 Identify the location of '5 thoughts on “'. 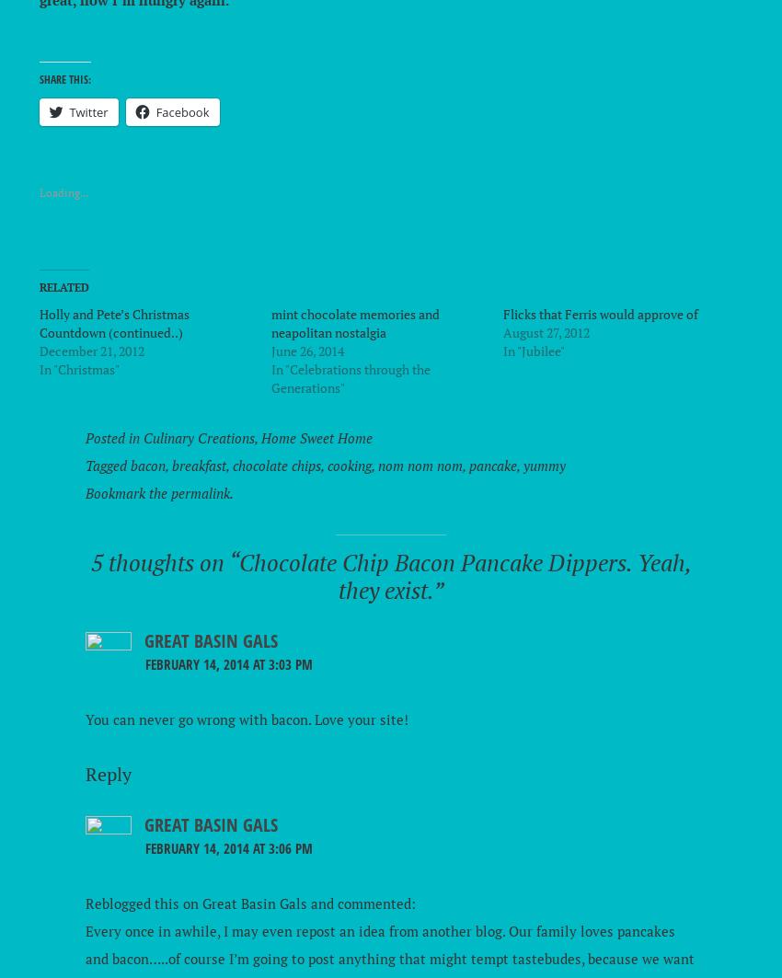
(163, 561).